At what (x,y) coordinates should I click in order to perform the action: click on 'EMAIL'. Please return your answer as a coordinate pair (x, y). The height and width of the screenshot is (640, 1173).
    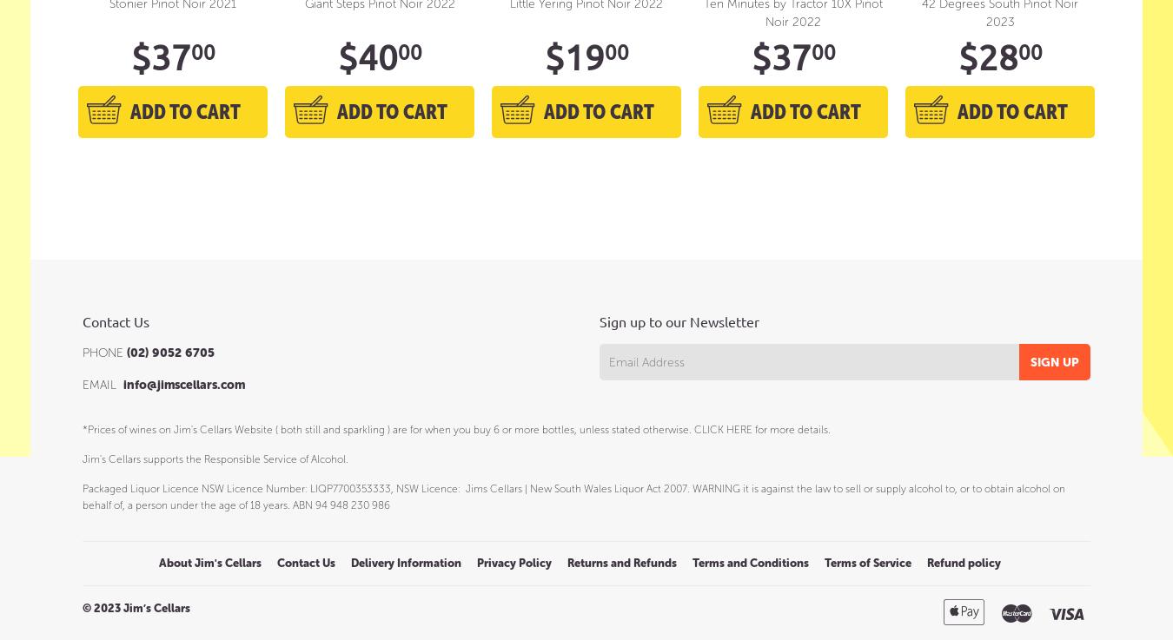
    Looking at the image, I should click on (103, 384).